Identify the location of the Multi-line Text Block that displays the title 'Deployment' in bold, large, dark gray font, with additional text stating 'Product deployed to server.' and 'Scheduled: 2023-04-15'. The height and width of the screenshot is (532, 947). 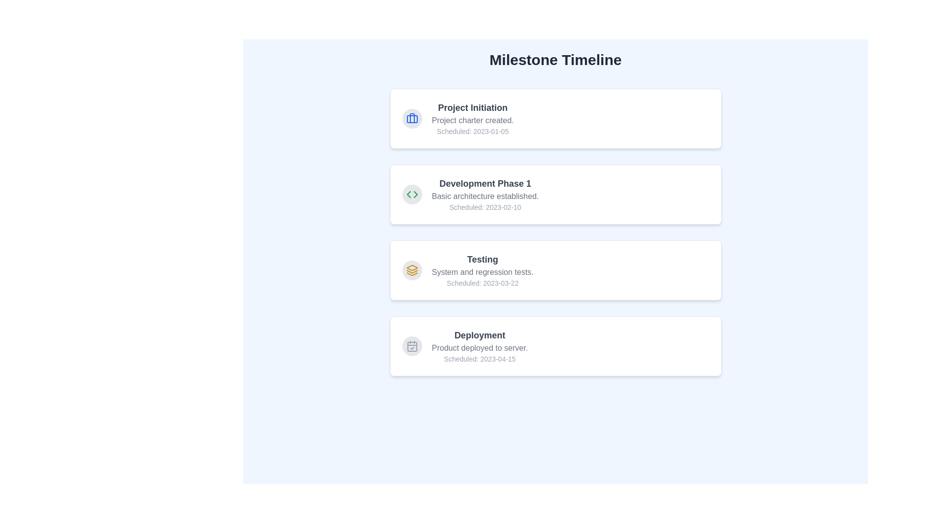
(479, 345).